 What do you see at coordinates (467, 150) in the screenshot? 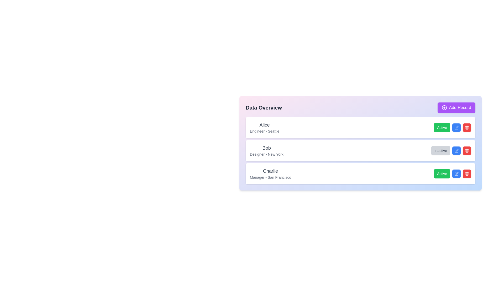
I see `the red trashcan icon representing the delete action for Bob (Designer - New York)` at bounding box center [467, 150].